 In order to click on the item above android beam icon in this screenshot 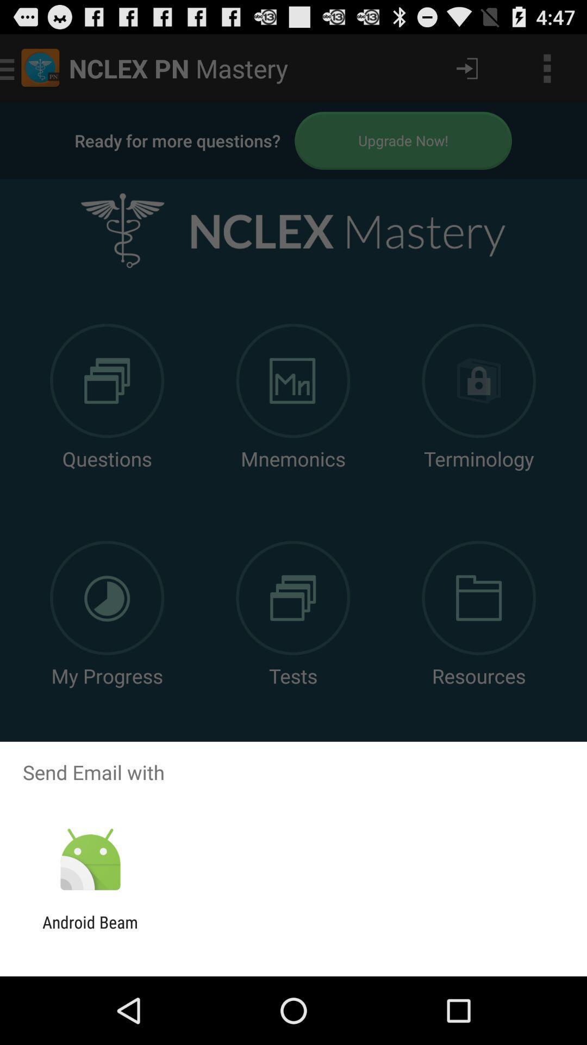, I will do `click(90, 859)`.